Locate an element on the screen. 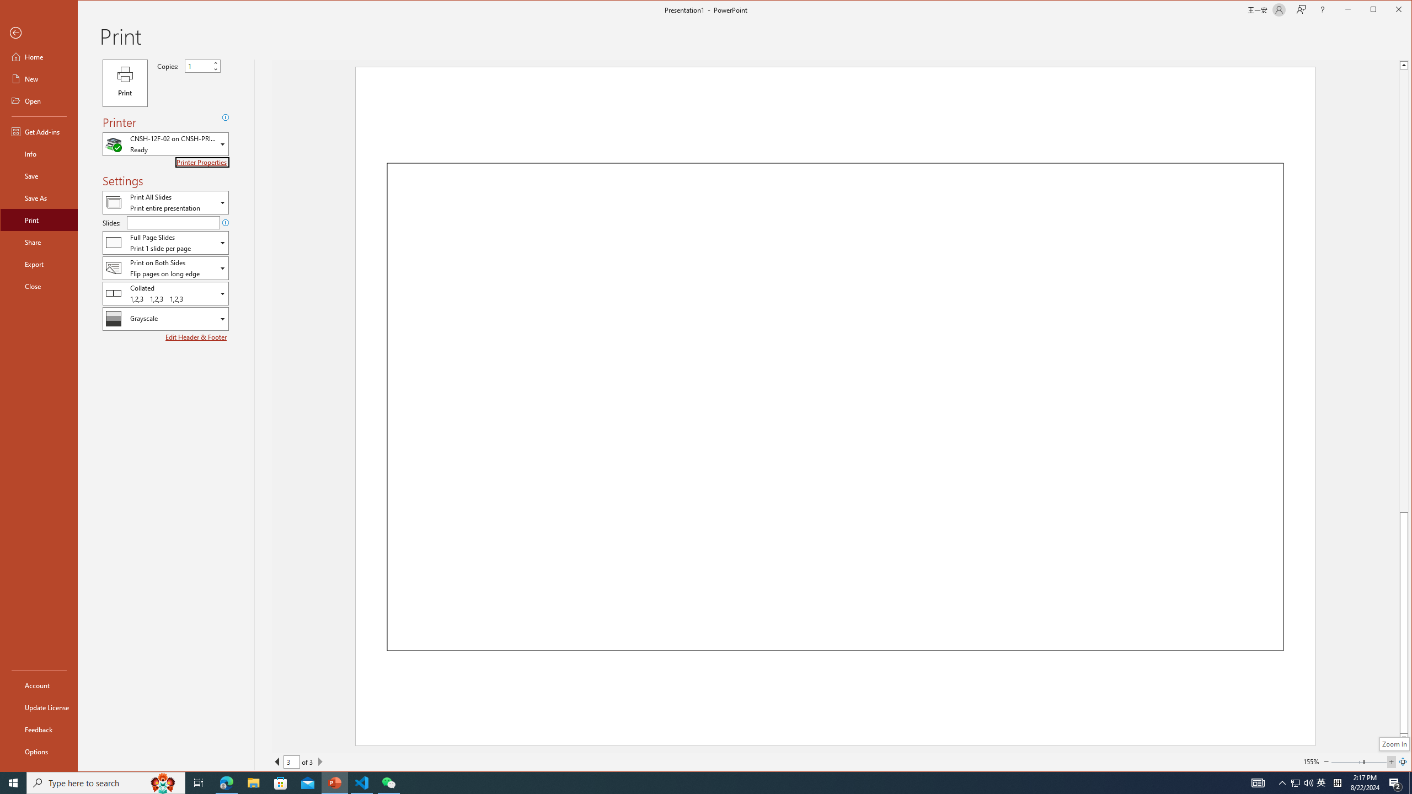 The width and height of the screenshot is (1412, 794). 'Account' is located at coordinates (38, 684).